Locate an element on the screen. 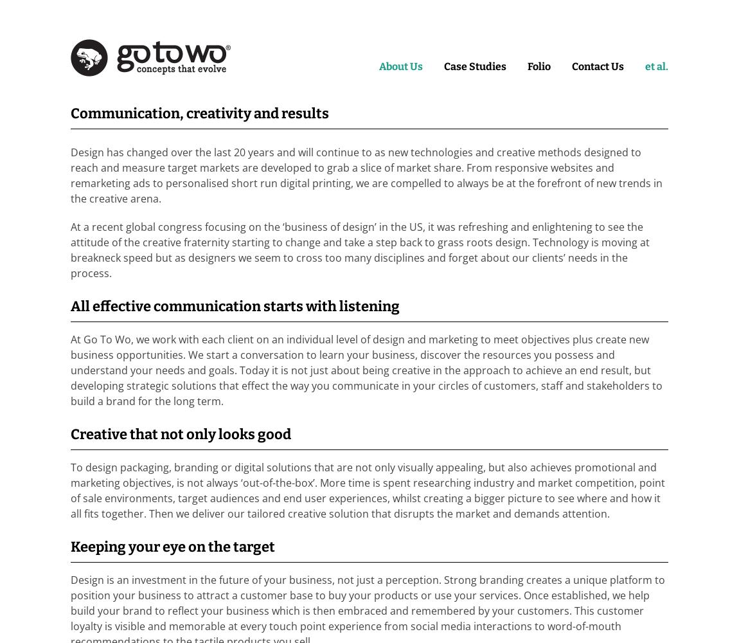  'Contact Us' is located at coordinates (598, 66).